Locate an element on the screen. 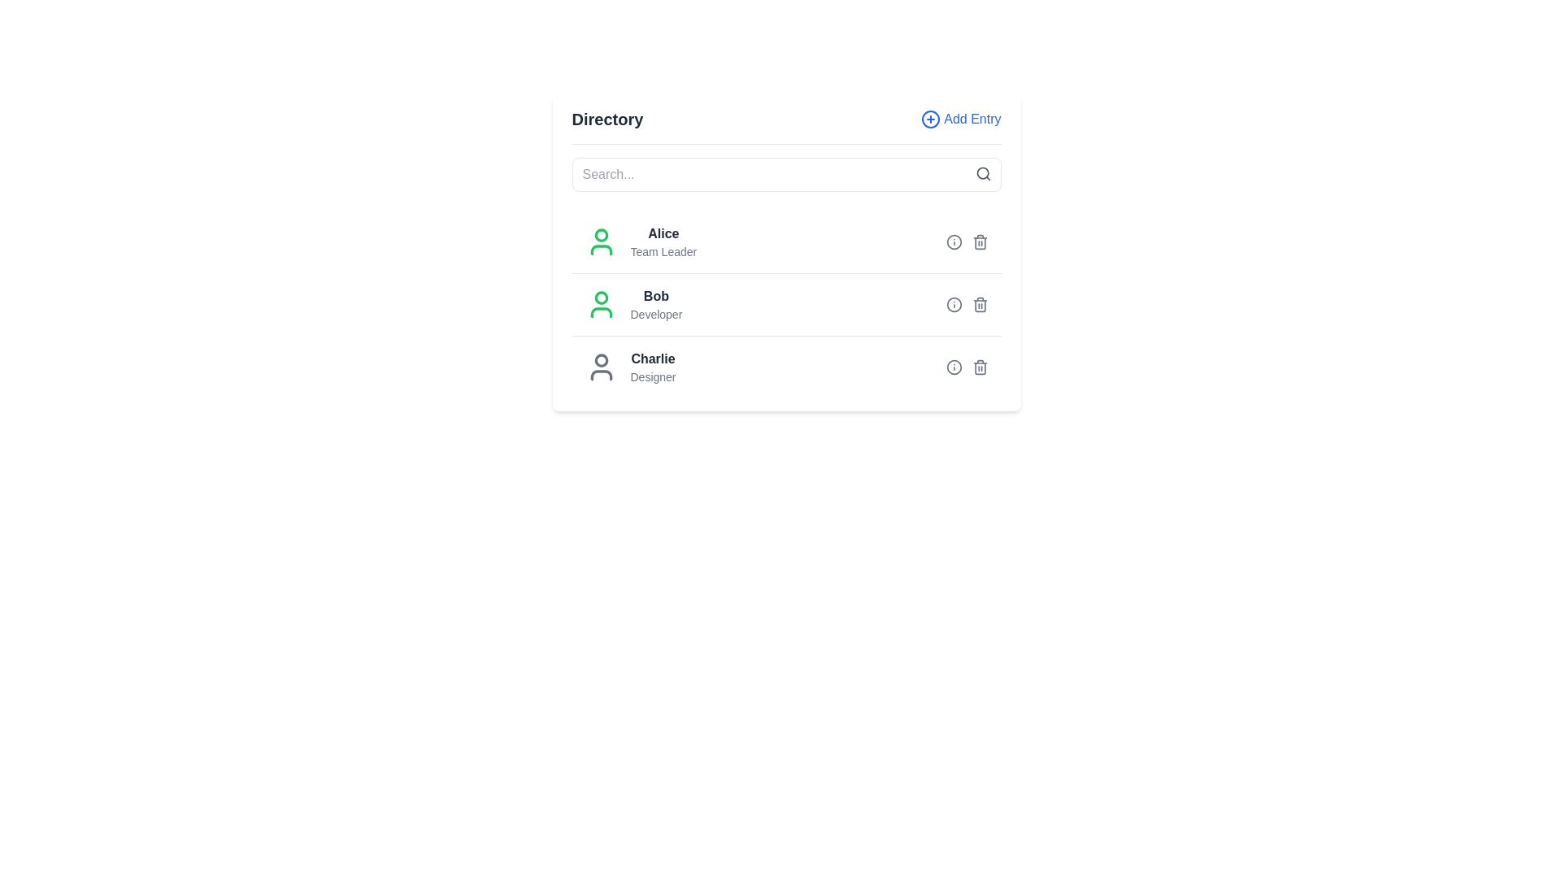 The image size is (1561, 878). the text label displaying the name 'Alice' in the directory, which is located in the first row of a vertical list to the right of the green user icon and above the role label 'Team Leader' is located at coordinates (663, 234).